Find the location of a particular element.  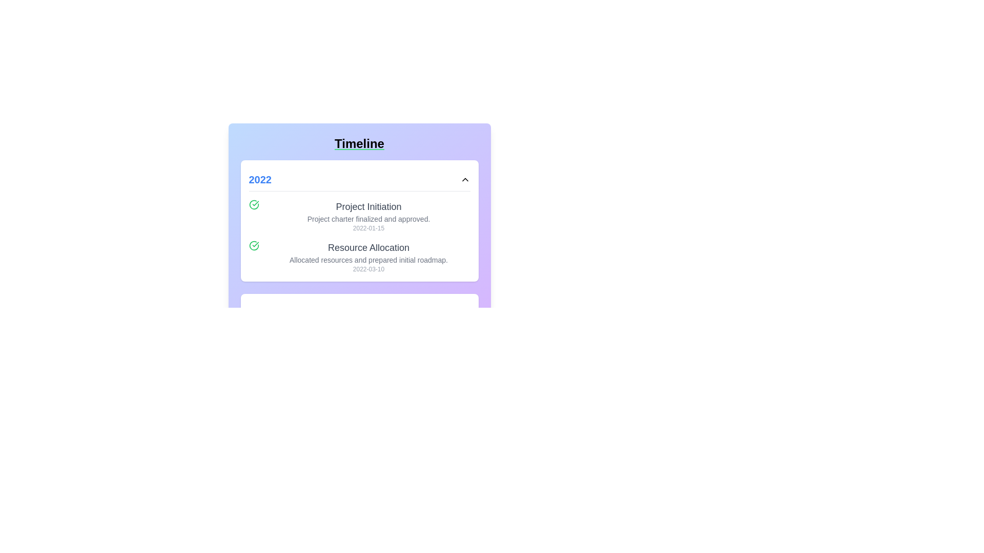

the text label that provides additional information about the 'Project Initiation' process, which is positioned under the title 'Project Initiation' and above the date '2022-01-15' is located at coordinates (368, 219).